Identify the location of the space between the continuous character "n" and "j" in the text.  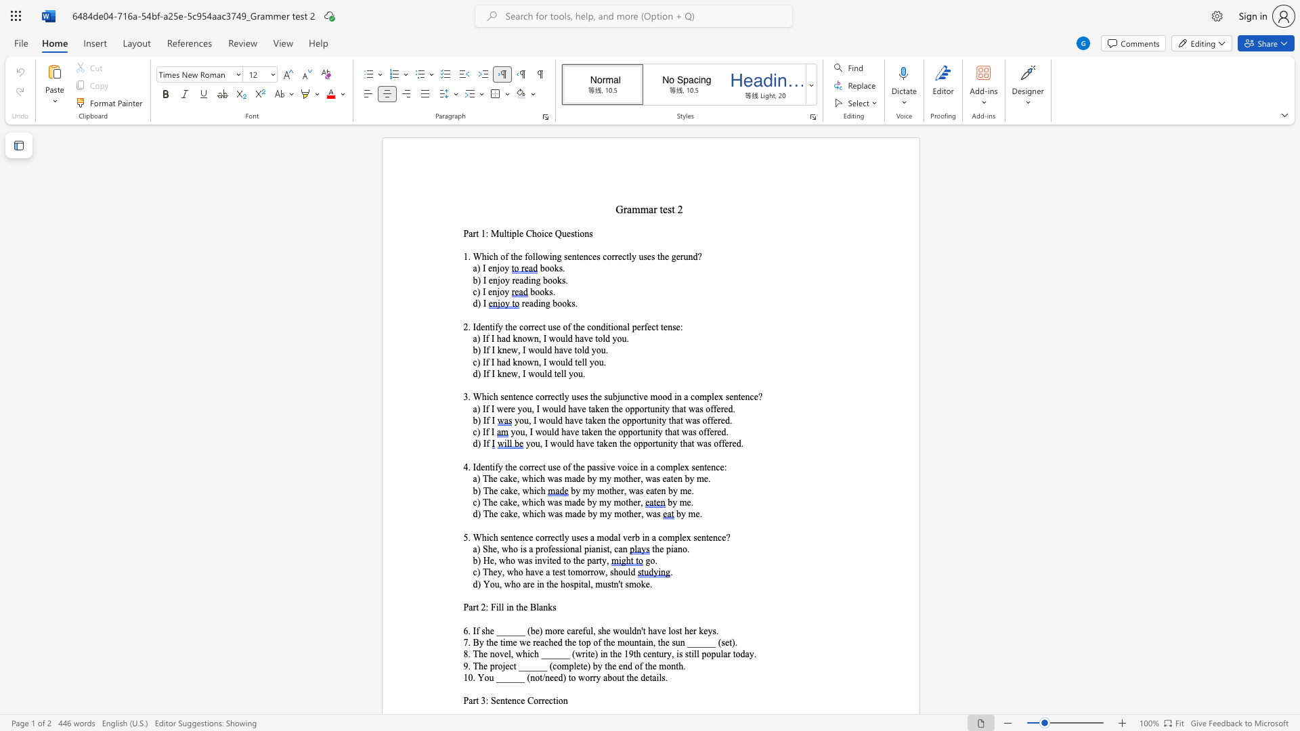
(496, 291).